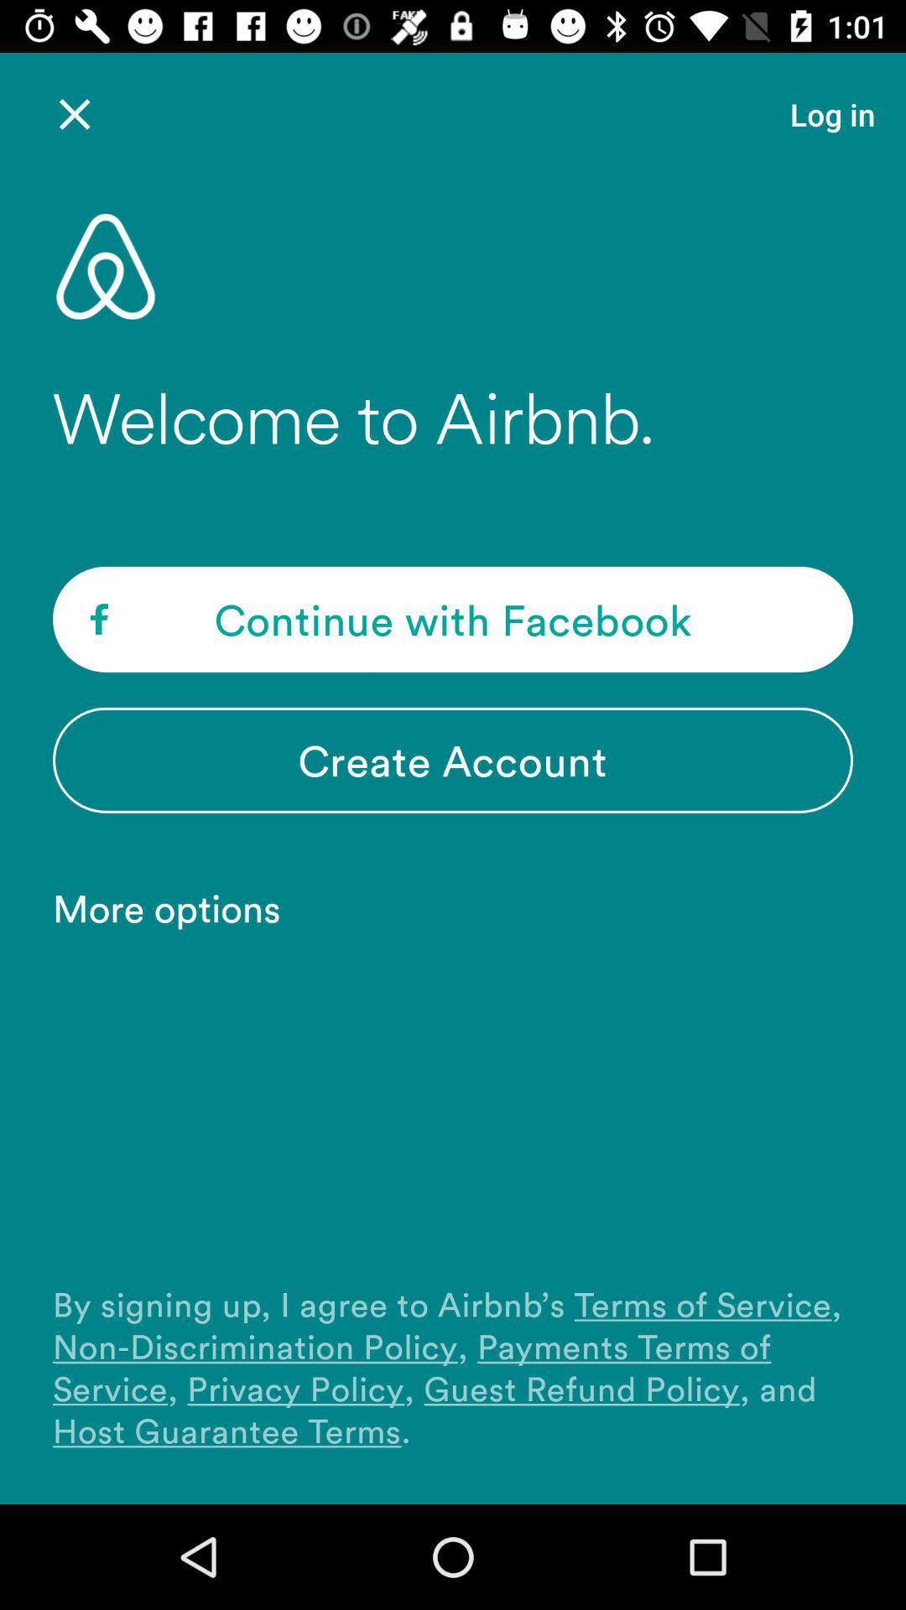  Describe the element at coordinates (453, 759) in the screenshot. I see `create account` at that location.